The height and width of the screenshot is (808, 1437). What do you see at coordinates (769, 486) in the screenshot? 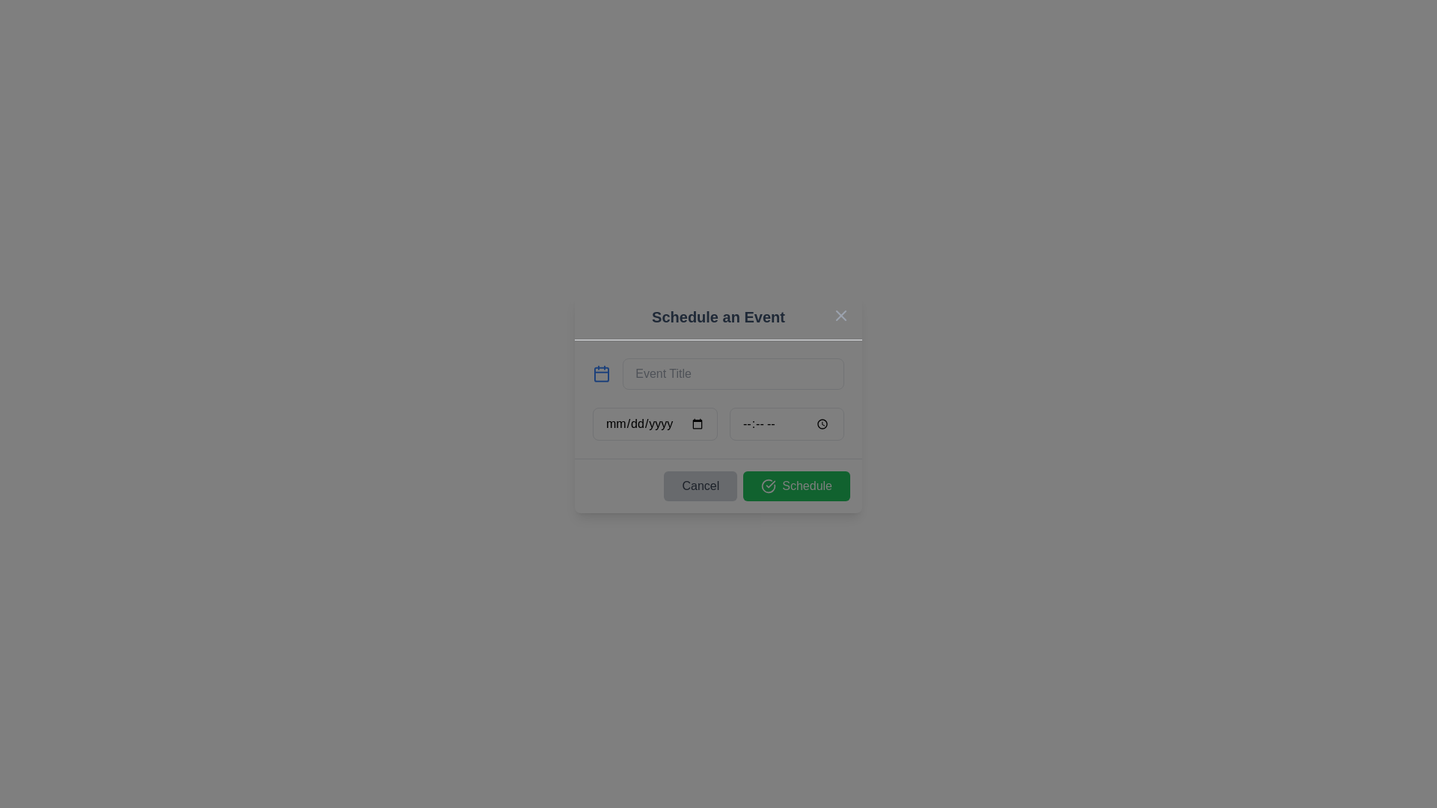
I see `the circular icon with a checkmark inside, which is located to the left of the 'Schedule' text within the 'Schedule' button` at bounding box center [769, 486].